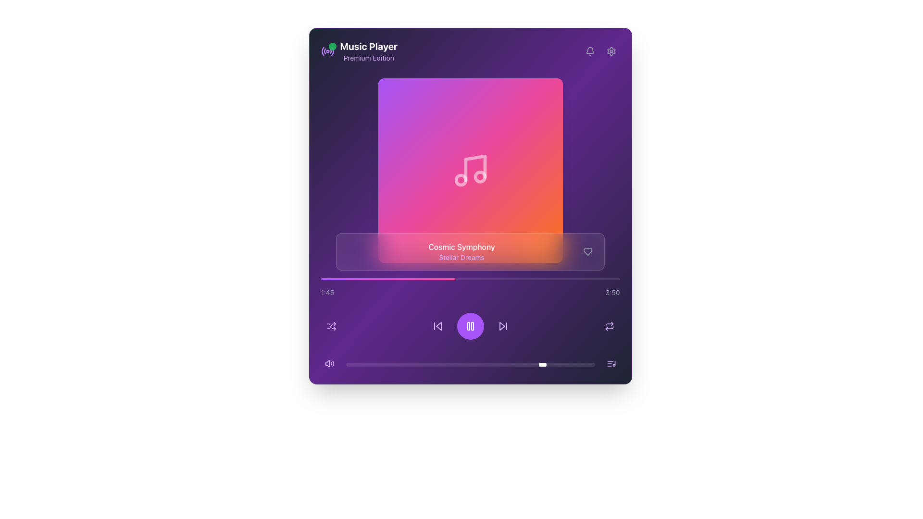  What do you see at coordinates (458, 279) in the screenshot?
I see `the playback position` at bounding box center [458, 279].